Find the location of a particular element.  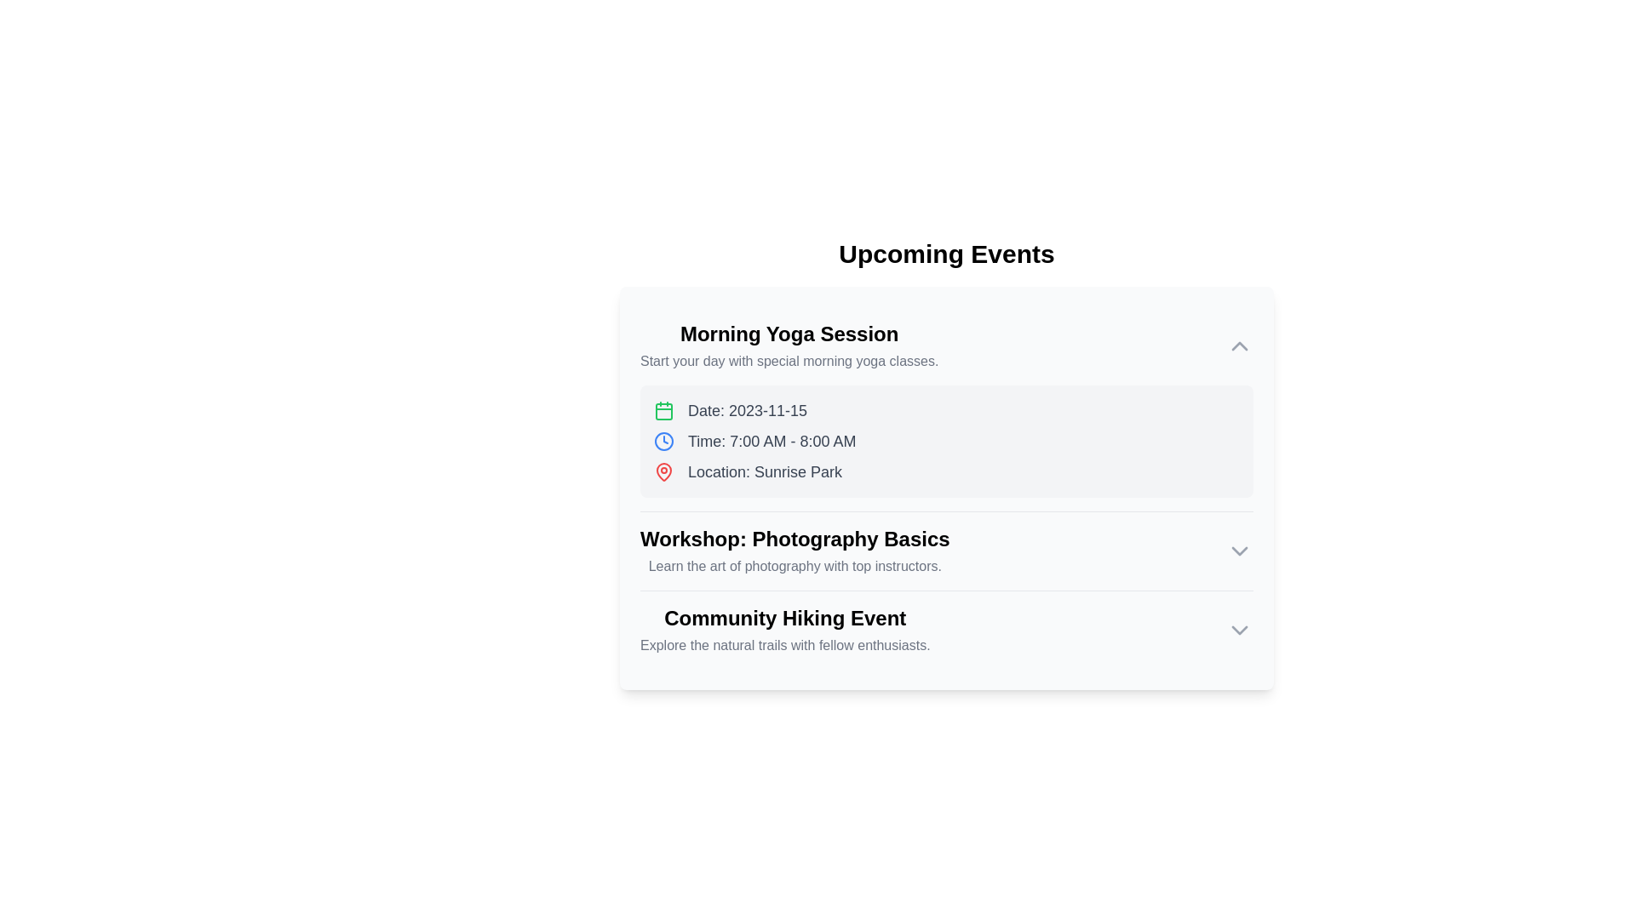

the downward pointing chevron icon located to the right of the 'Workshop: Photography Basics' text is located at coordinates (1239, 551).